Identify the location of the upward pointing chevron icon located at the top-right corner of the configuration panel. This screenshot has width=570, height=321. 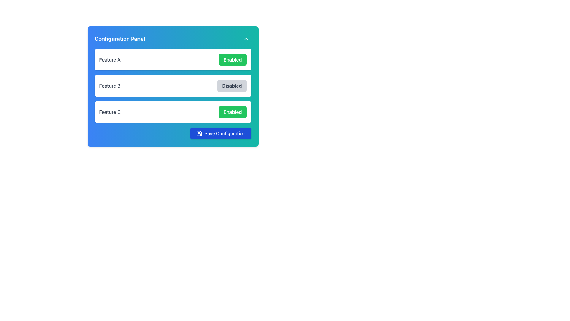
(246, 39).